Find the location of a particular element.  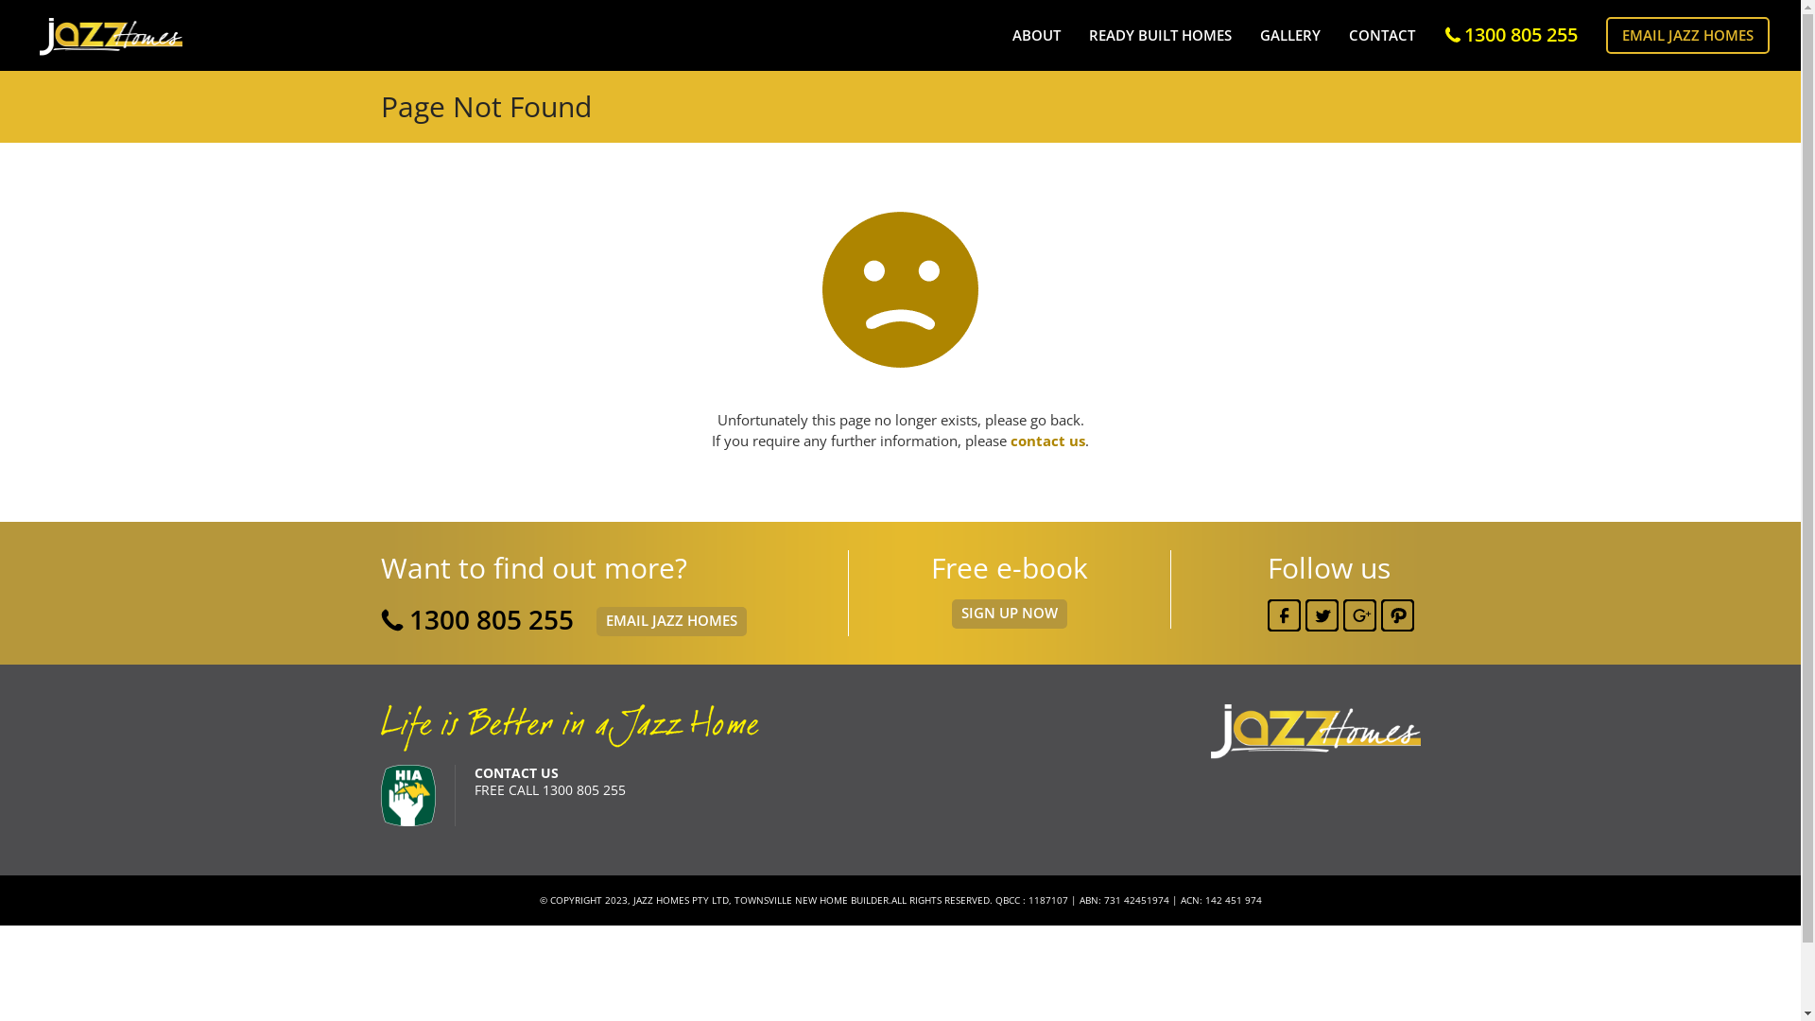

'READY BUILT HOMES' is located at coordinates (1159, 35).